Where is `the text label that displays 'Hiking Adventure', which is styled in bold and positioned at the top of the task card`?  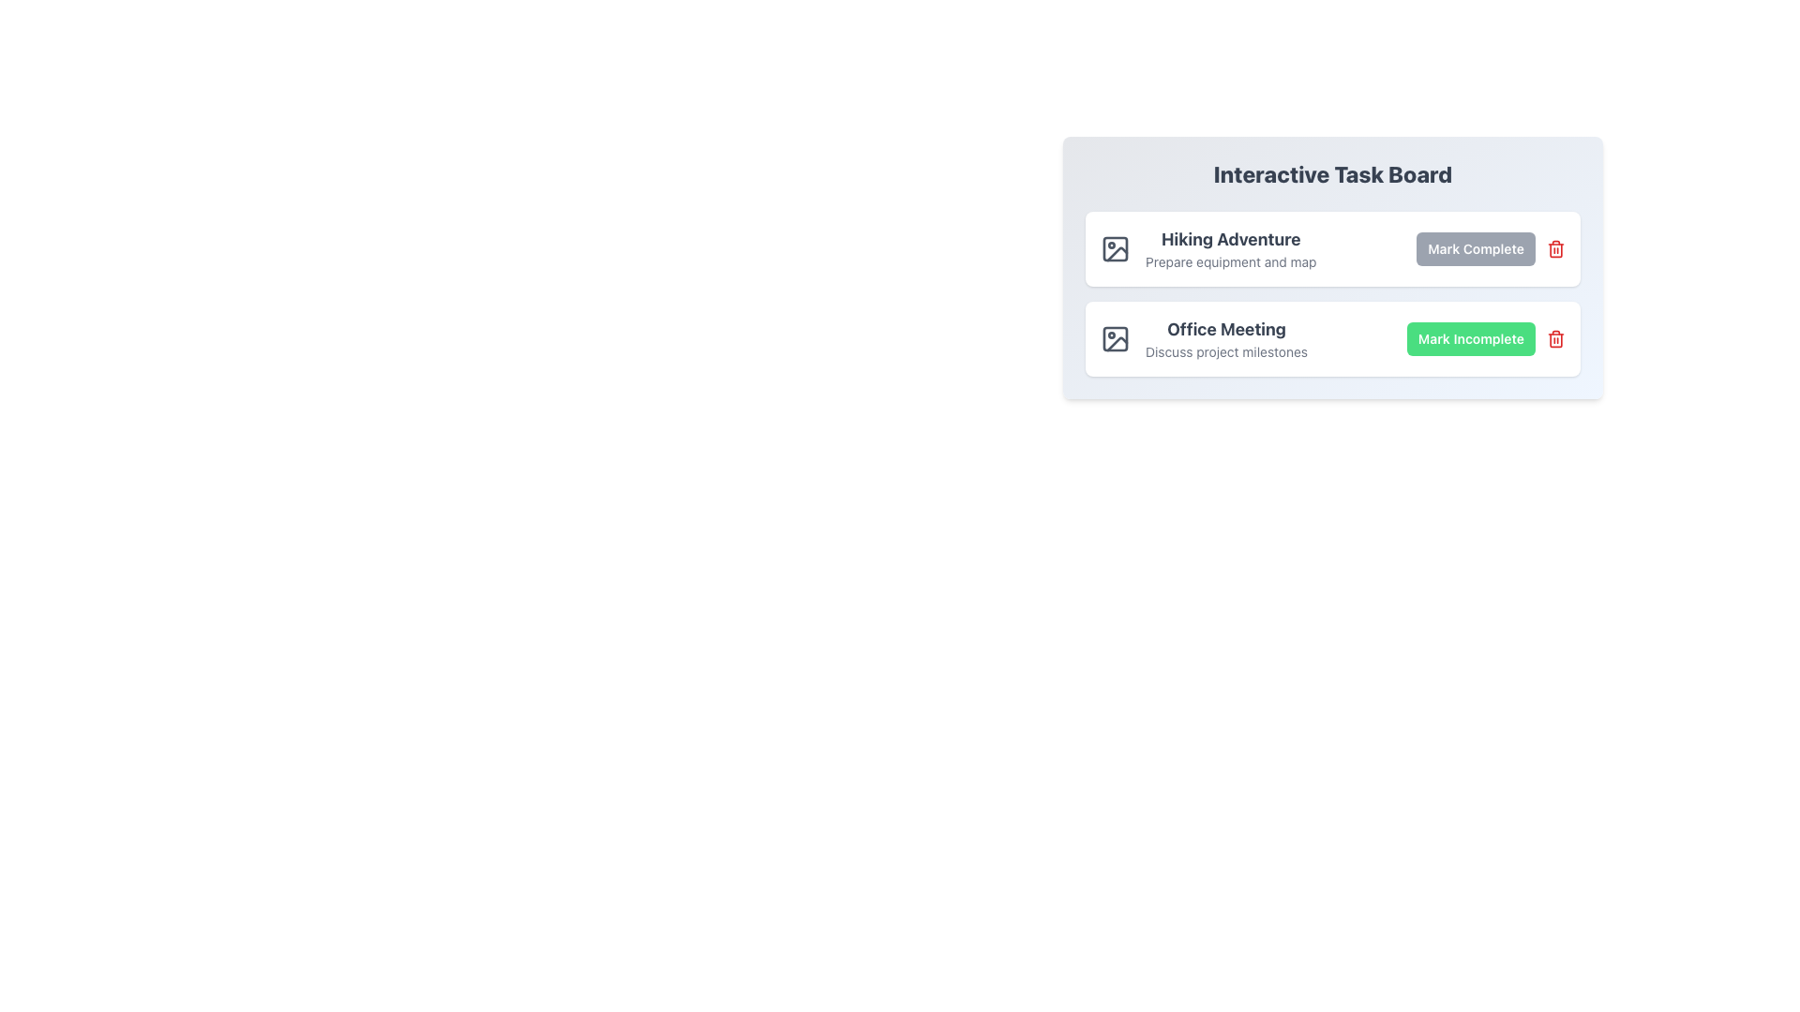
the text label that displays 'Hiking Adventure', which is styled in bold and positioned at the top of the task card is located at coordinates (1231, 238).